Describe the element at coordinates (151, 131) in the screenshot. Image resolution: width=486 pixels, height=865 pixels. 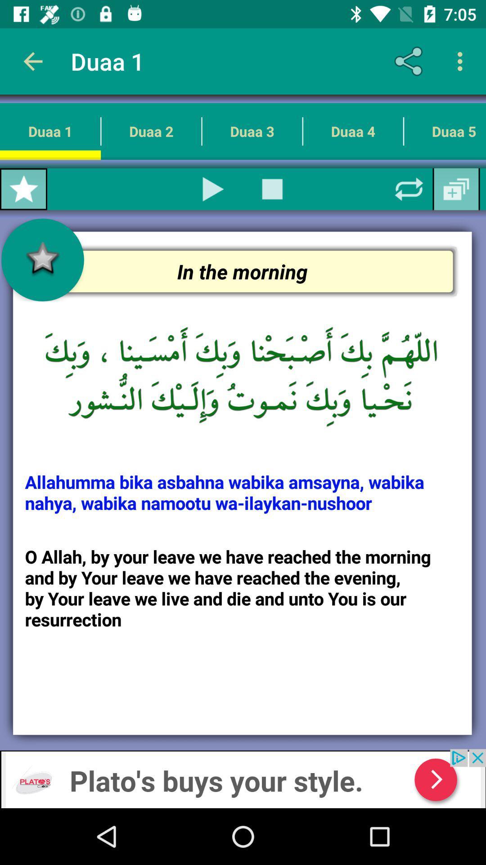
I see `the icon next to the duaa 1` at that location.